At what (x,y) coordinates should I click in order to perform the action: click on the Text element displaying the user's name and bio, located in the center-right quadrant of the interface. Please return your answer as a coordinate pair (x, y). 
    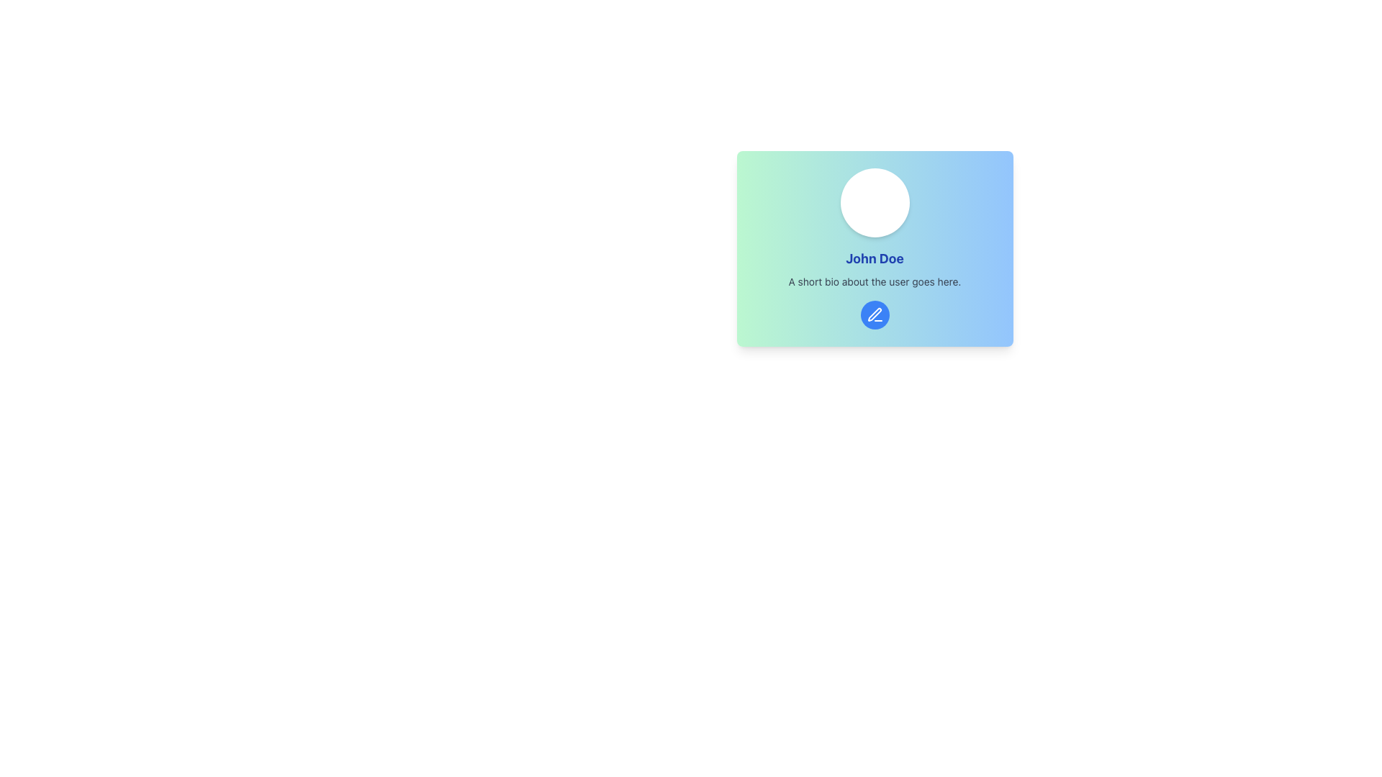
    Looking at the image, I should click on (874, 248).